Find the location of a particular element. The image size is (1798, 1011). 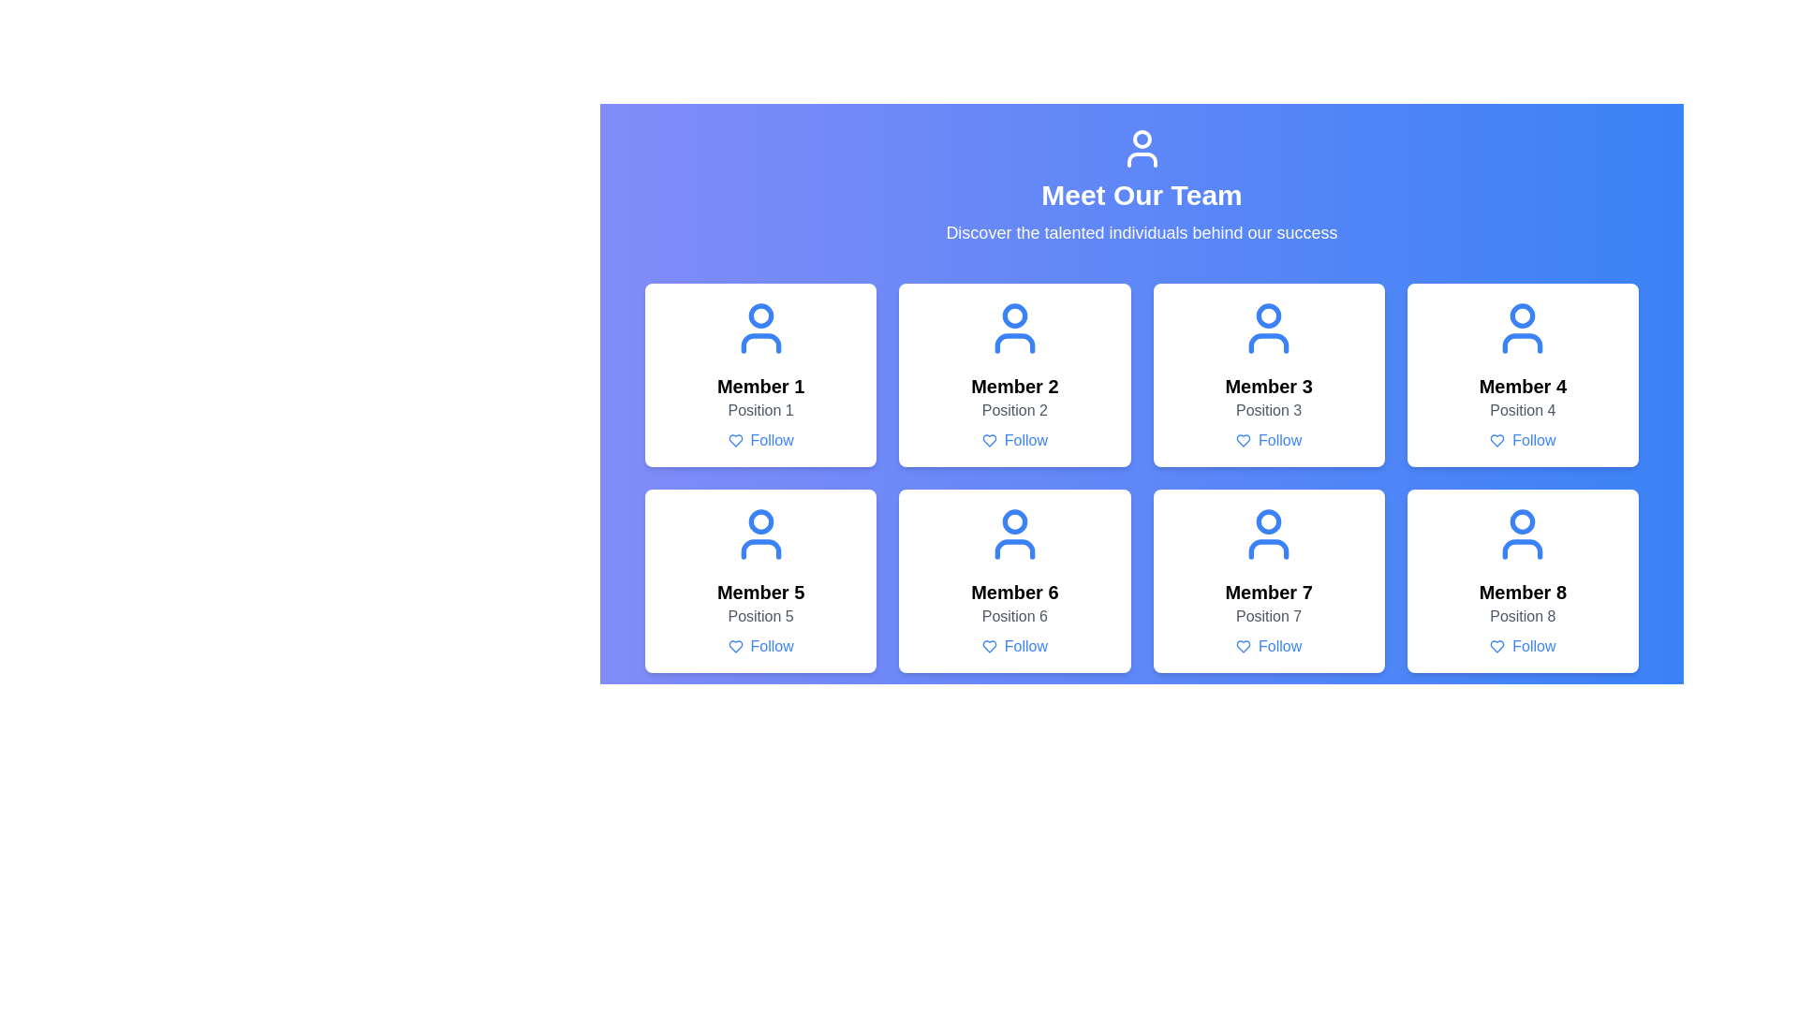

the small circular shape representing 'Member 6' located at the top center of the icon in the second row, second column of the team member grid layout is located at coordinates (1013, 521).